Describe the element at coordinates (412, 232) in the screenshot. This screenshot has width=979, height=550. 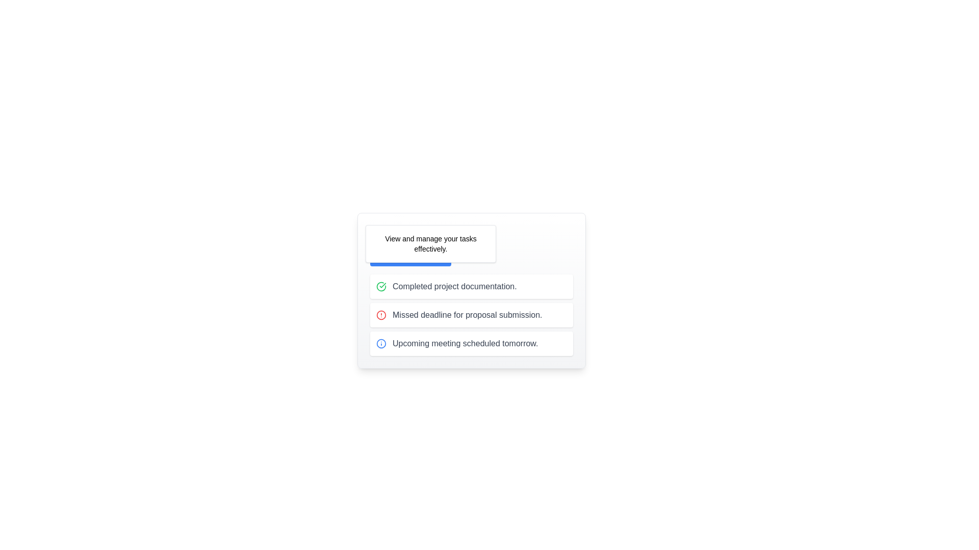
I see `text from the Text Label that serves as a heading for the task management feature, positioned to the right of a calendar icon` at that location.